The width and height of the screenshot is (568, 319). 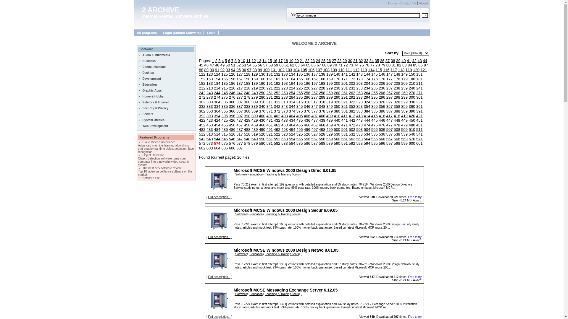 I want to click on '490', so click(x=262, y=129).